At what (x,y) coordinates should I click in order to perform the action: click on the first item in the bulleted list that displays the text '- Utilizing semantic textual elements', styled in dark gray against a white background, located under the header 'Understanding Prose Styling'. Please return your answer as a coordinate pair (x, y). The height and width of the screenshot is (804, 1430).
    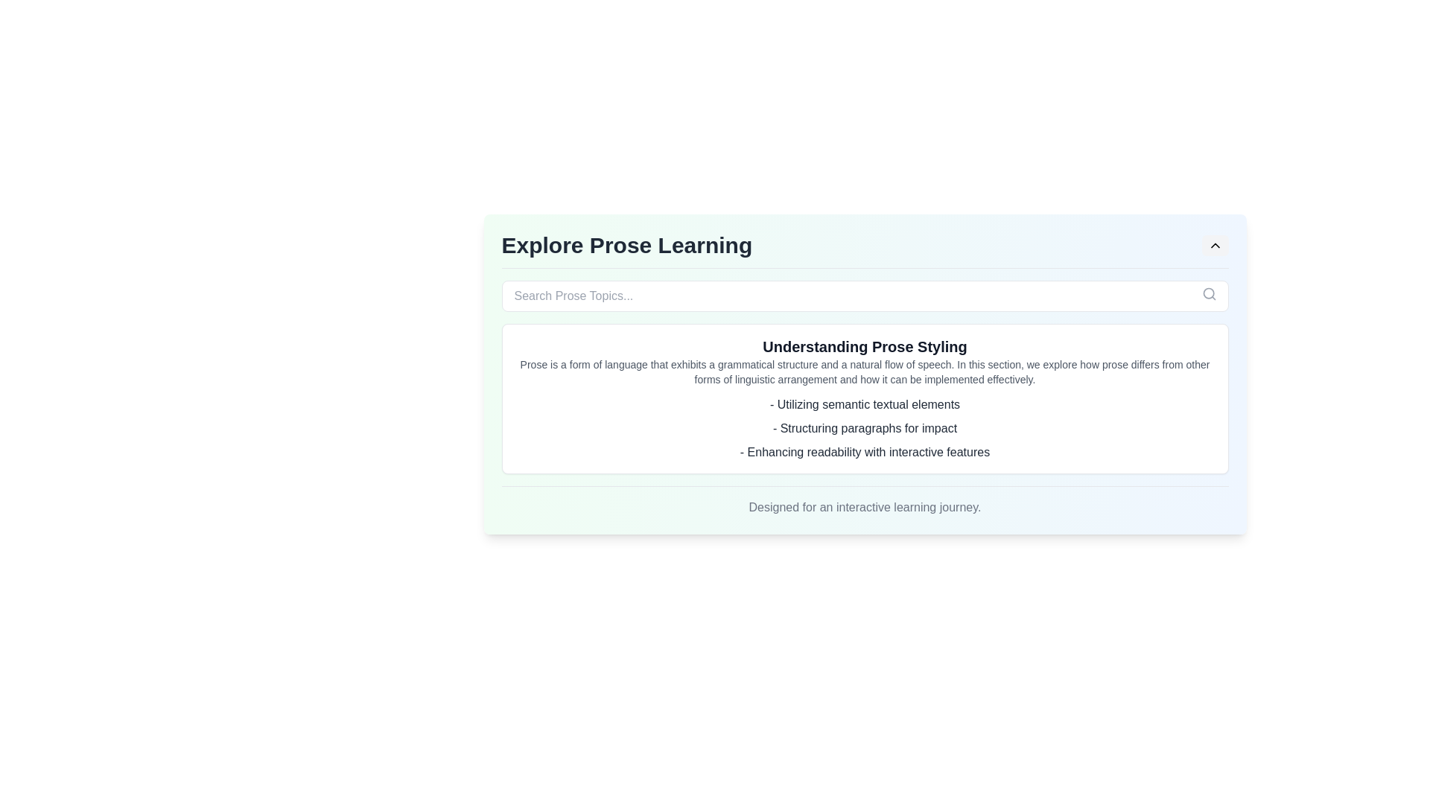
    Looking at the image, I should click on (865, 404).